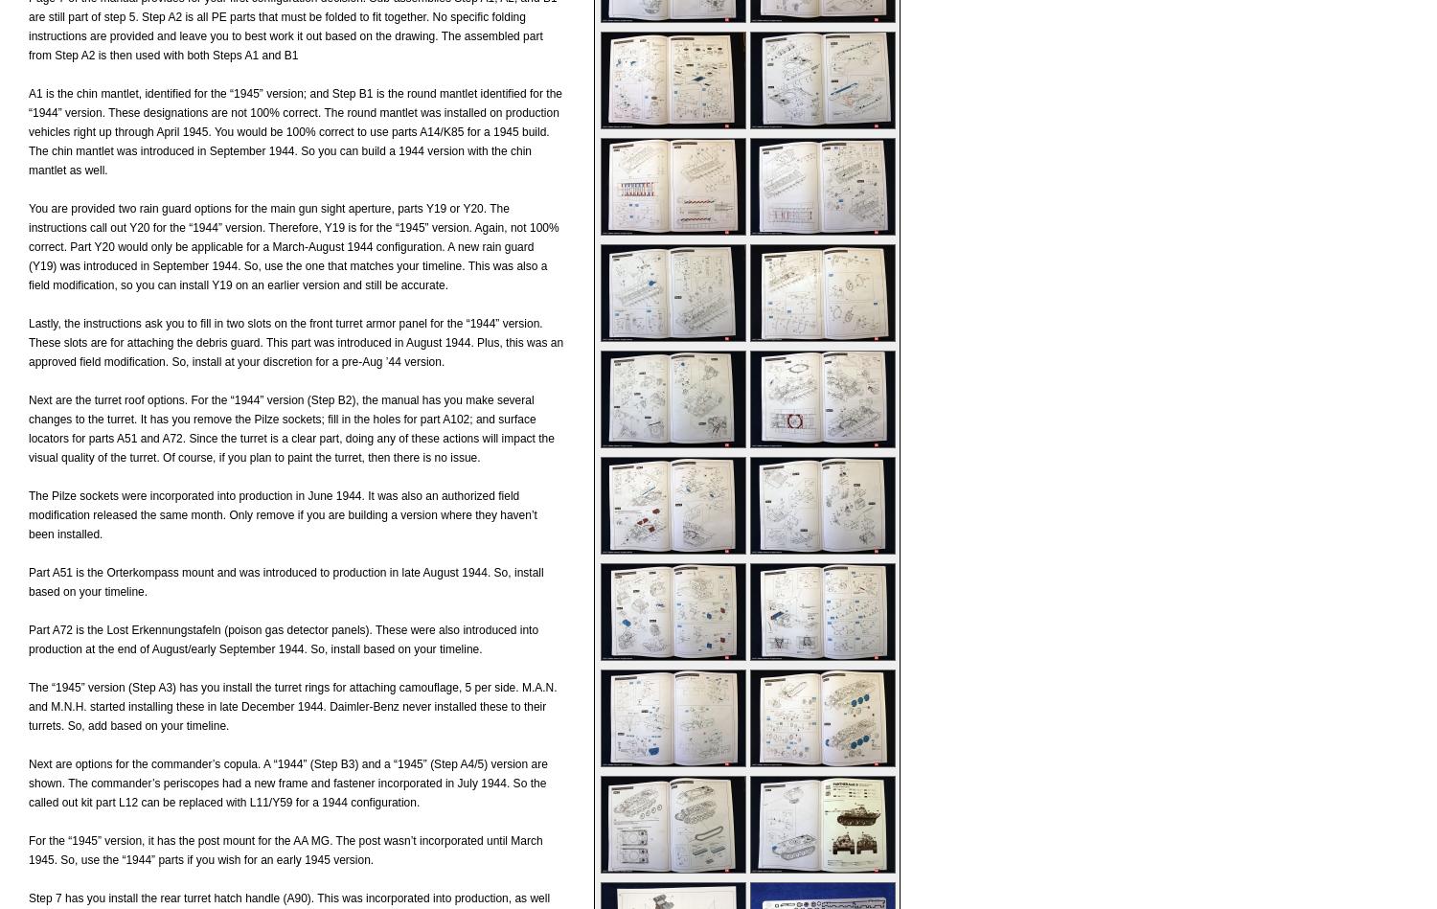 This screenshot has width=1437, height=909. Describe the element at coordinates (295, 131) in the screenshot. I see `'A1 is the chin mantlet, identified for the “1945” version; and Step B1 is the round mantlet identified for the “1944” version. These designations are not 100% correct. The round mantlet was installed on production vehicles right up through April 1945. You would be 100% correct to use parts A14/K85 for a 1945 build. The chin mantlet was introduced in September 1944. So you can build a 1944 version with the chin mantlet as well.'` at that location.